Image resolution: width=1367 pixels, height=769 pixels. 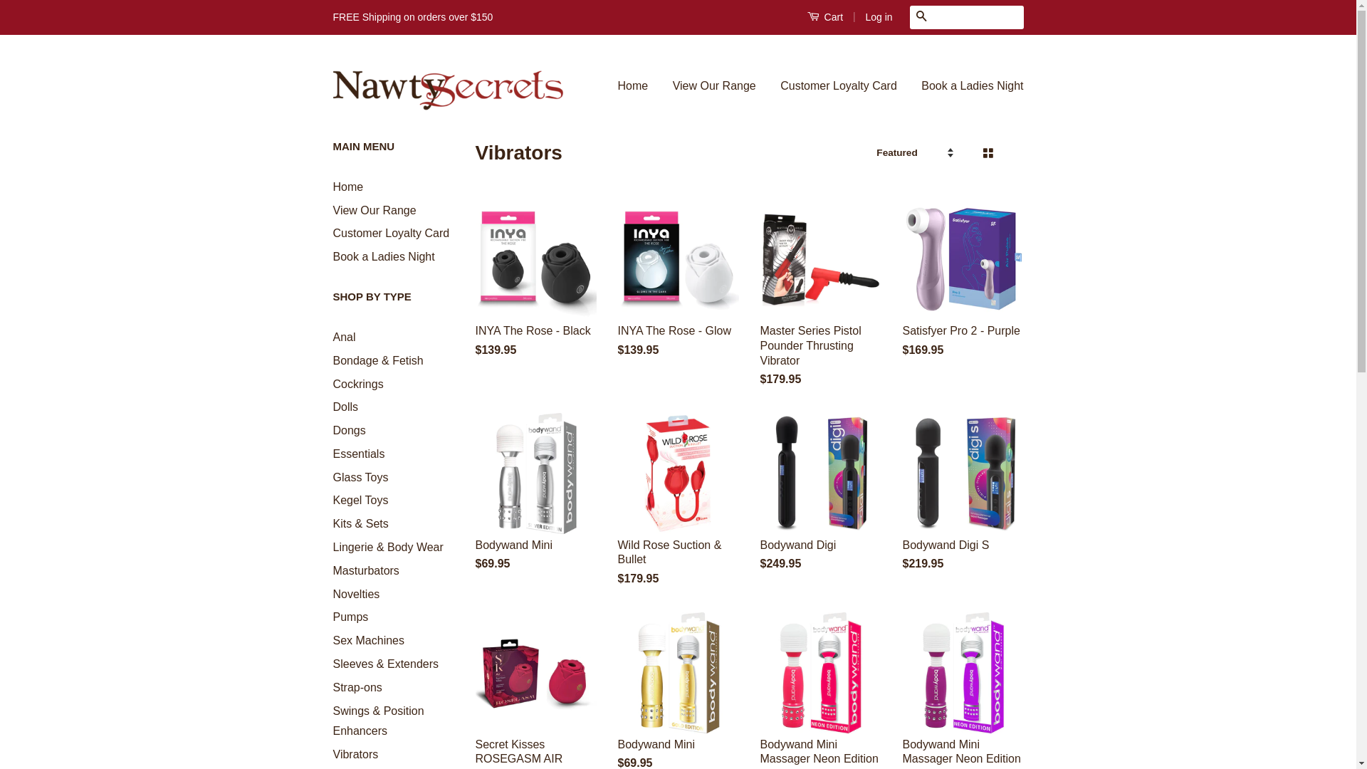 What do you see at coordinates (361, 499) in the screenshot?
I see `'Kegel Toys'` at bounding box center [361, 499].